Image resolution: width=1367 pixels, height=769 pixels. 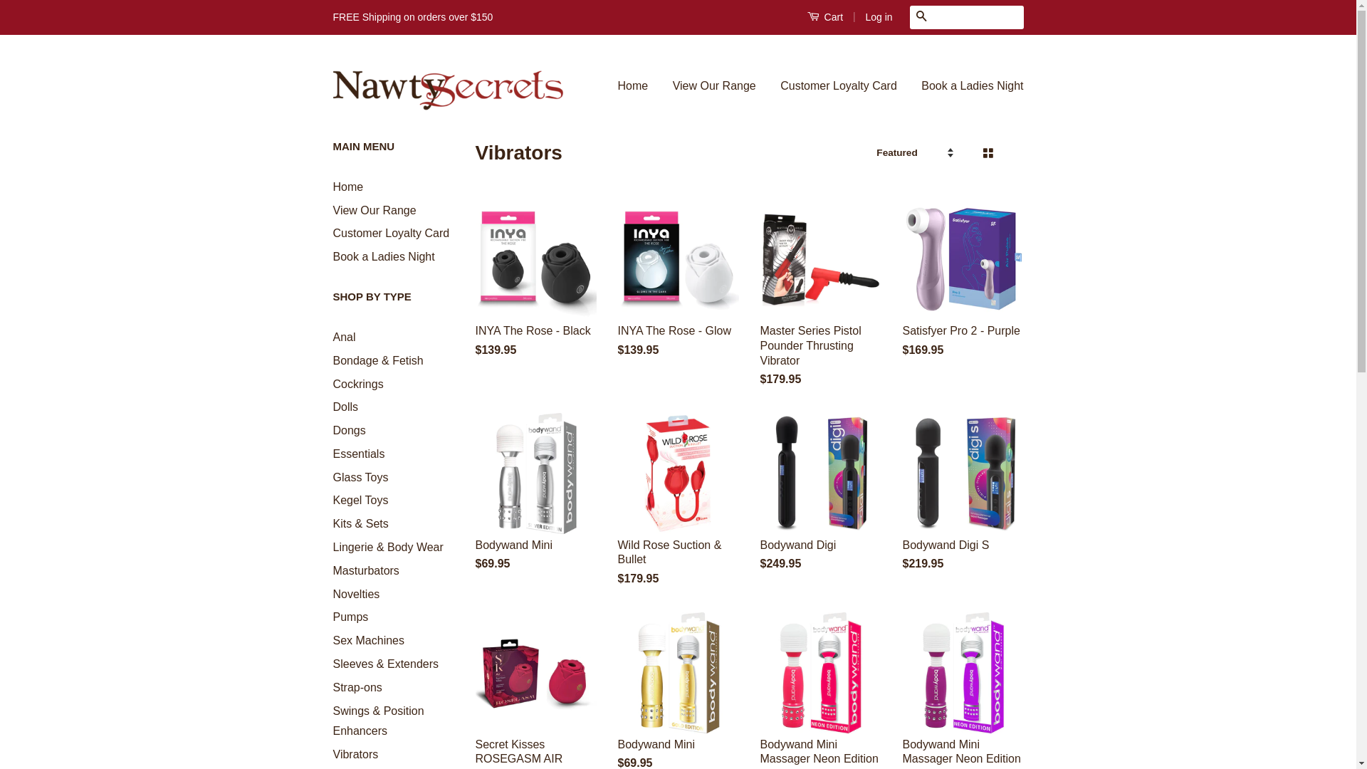 What do you see at coordinates (361, 499) in the screenshot?
I see `'Kegel Toys'` at bounding box center [361, 499].